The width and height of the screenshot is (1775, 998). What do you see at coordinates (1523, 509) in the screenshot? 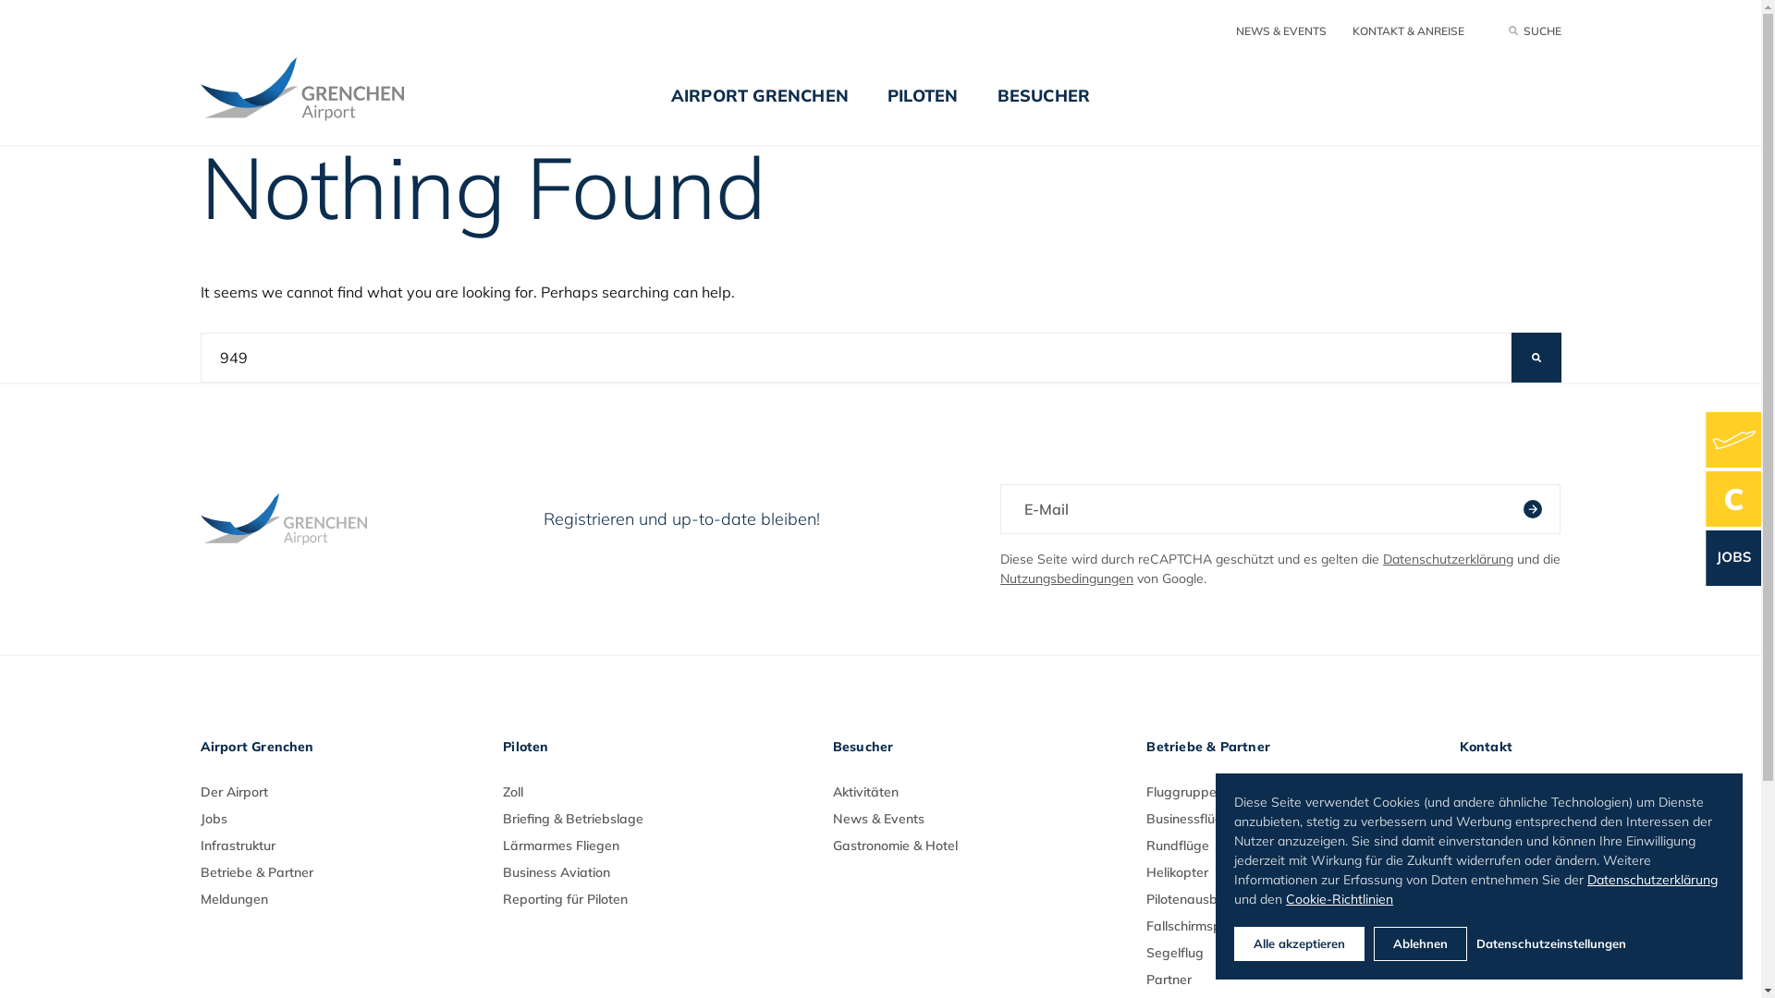
I see `'Send'` at bounding box center [1523, 509].